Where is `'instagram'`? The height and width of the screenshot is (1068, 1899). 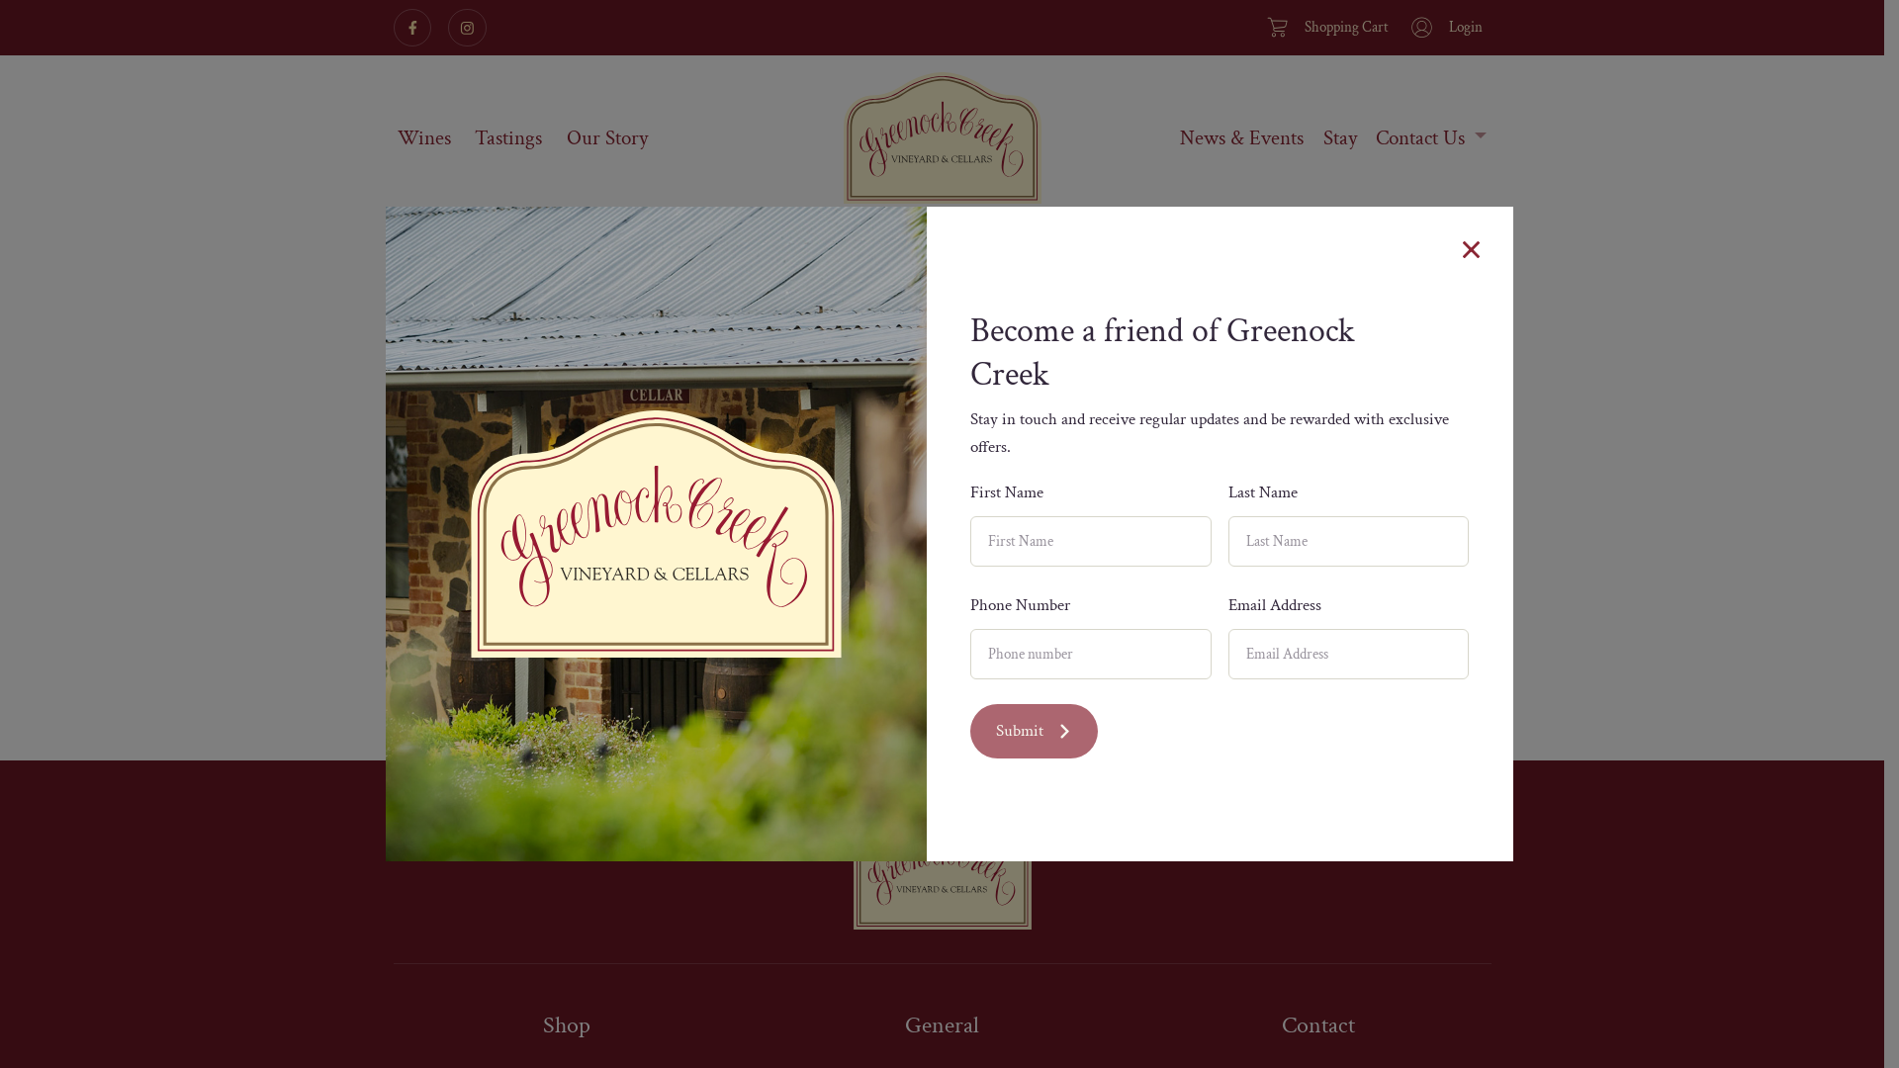
'instagram' is located at coordinates (466, 27).